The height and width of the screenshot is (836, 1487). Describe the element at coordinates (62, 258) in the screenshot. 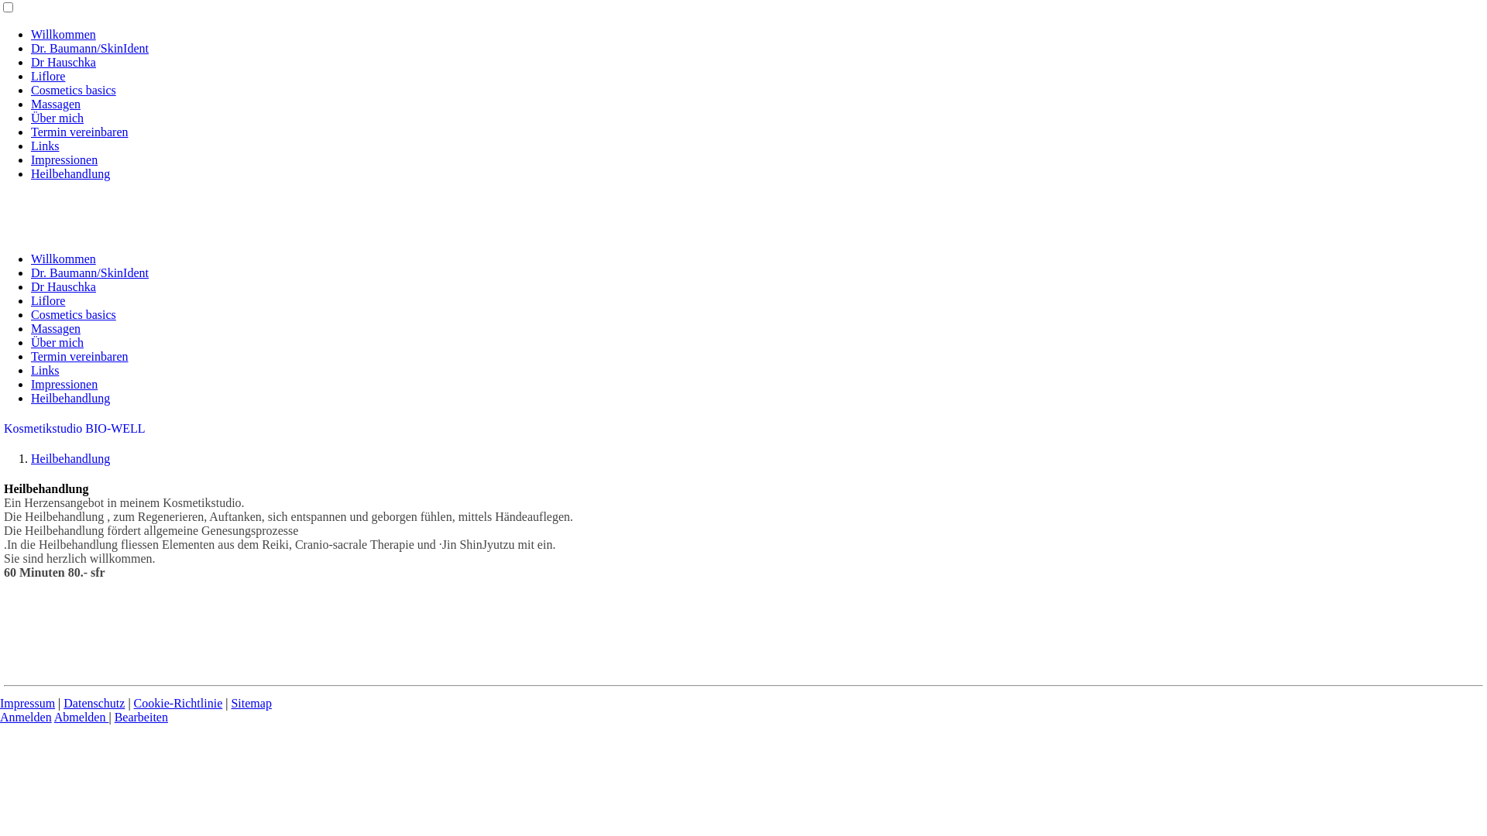

I see `'Willkommen'` at that location.